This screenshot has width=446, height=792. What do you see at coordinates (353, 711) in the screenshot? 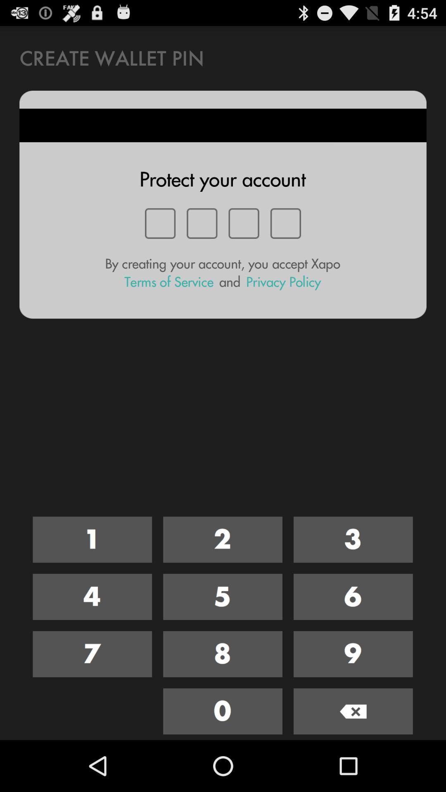
I see `delete single character entry` at bounding box center [353, 711].